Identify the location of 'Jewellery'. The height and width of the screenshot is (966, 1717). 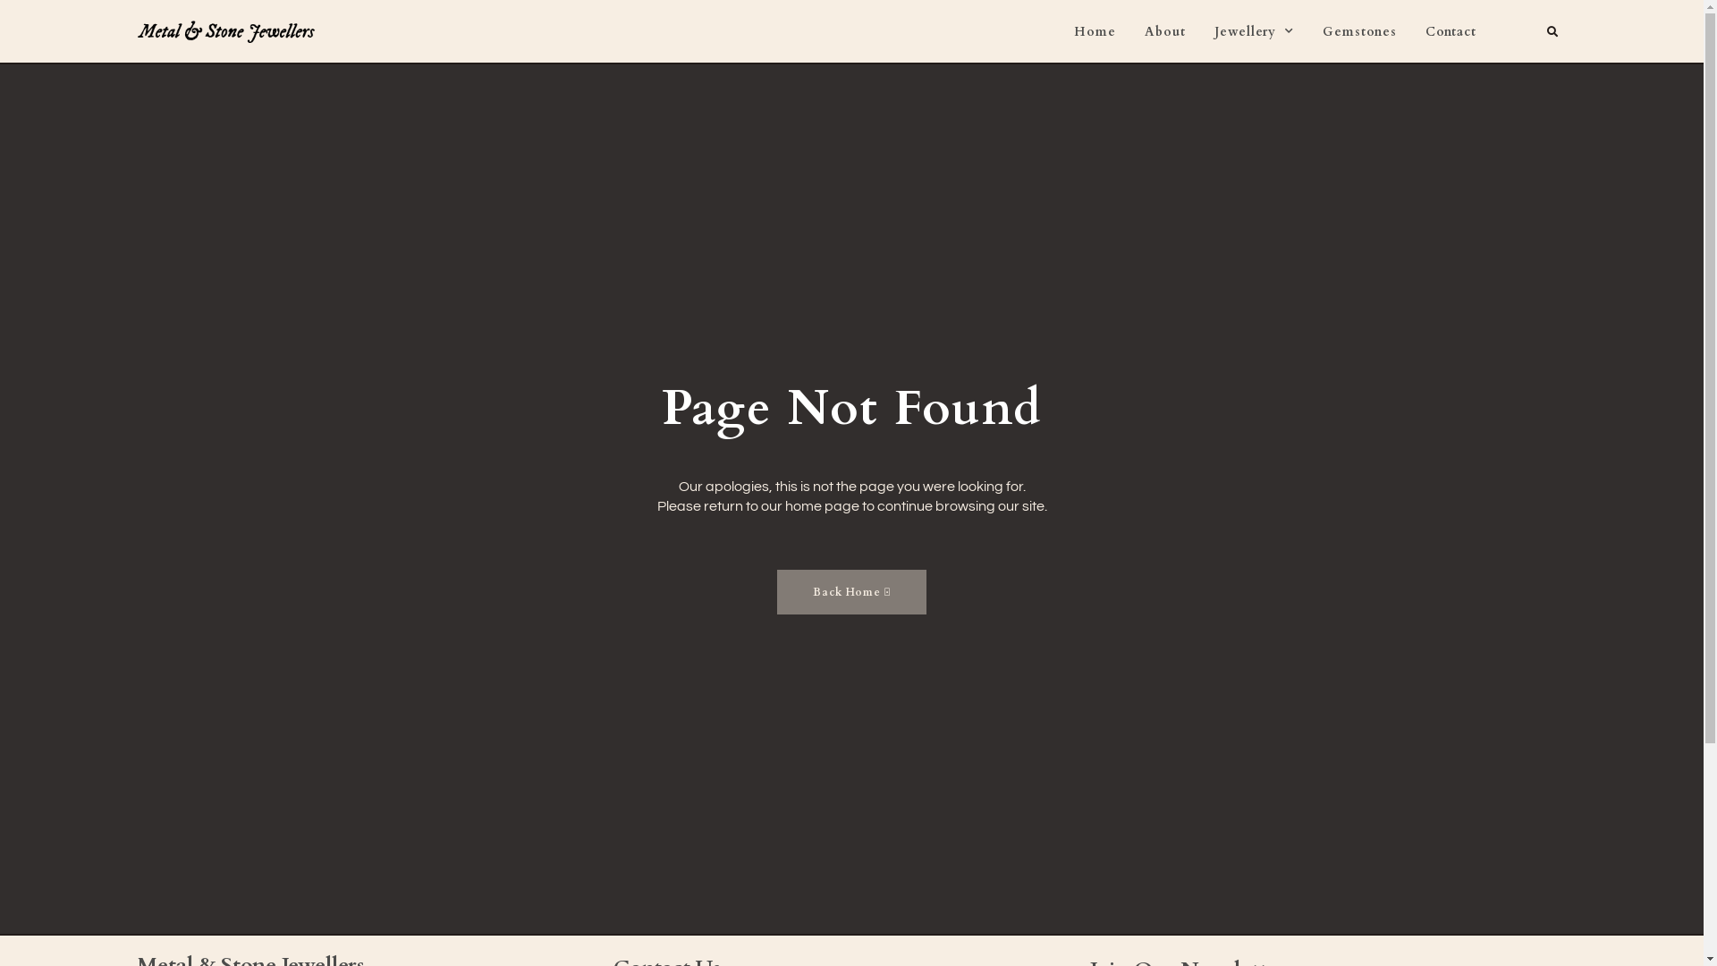
(1214, 31).